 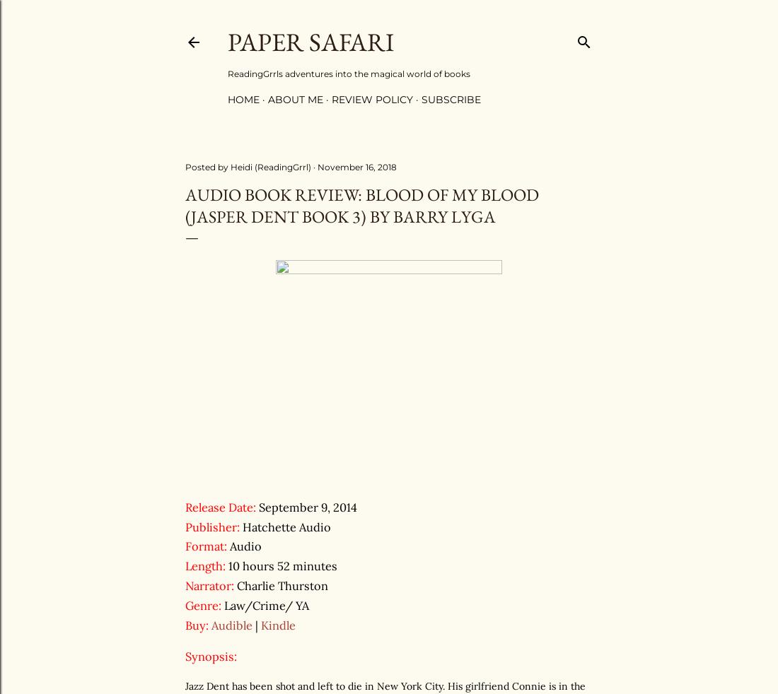 I want to click on 'Release Date:', so click(x=219, y=505).